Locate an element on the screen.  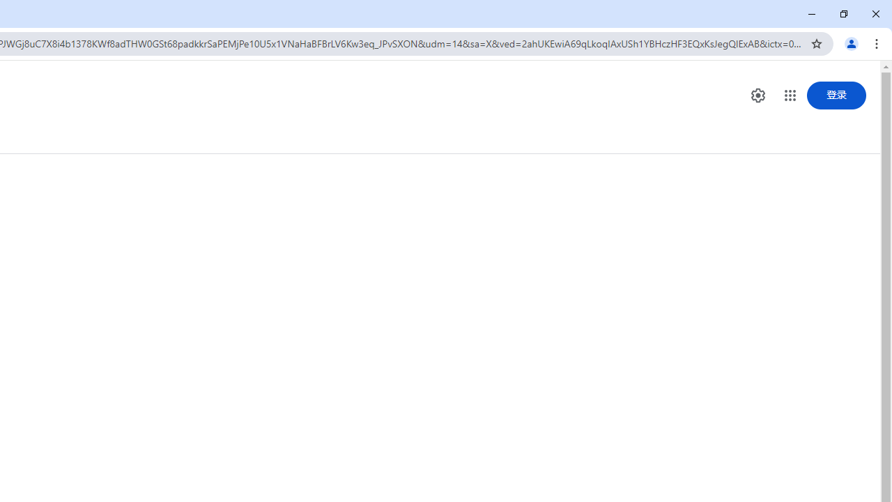
'Close' is located at coordinates (875, 14).